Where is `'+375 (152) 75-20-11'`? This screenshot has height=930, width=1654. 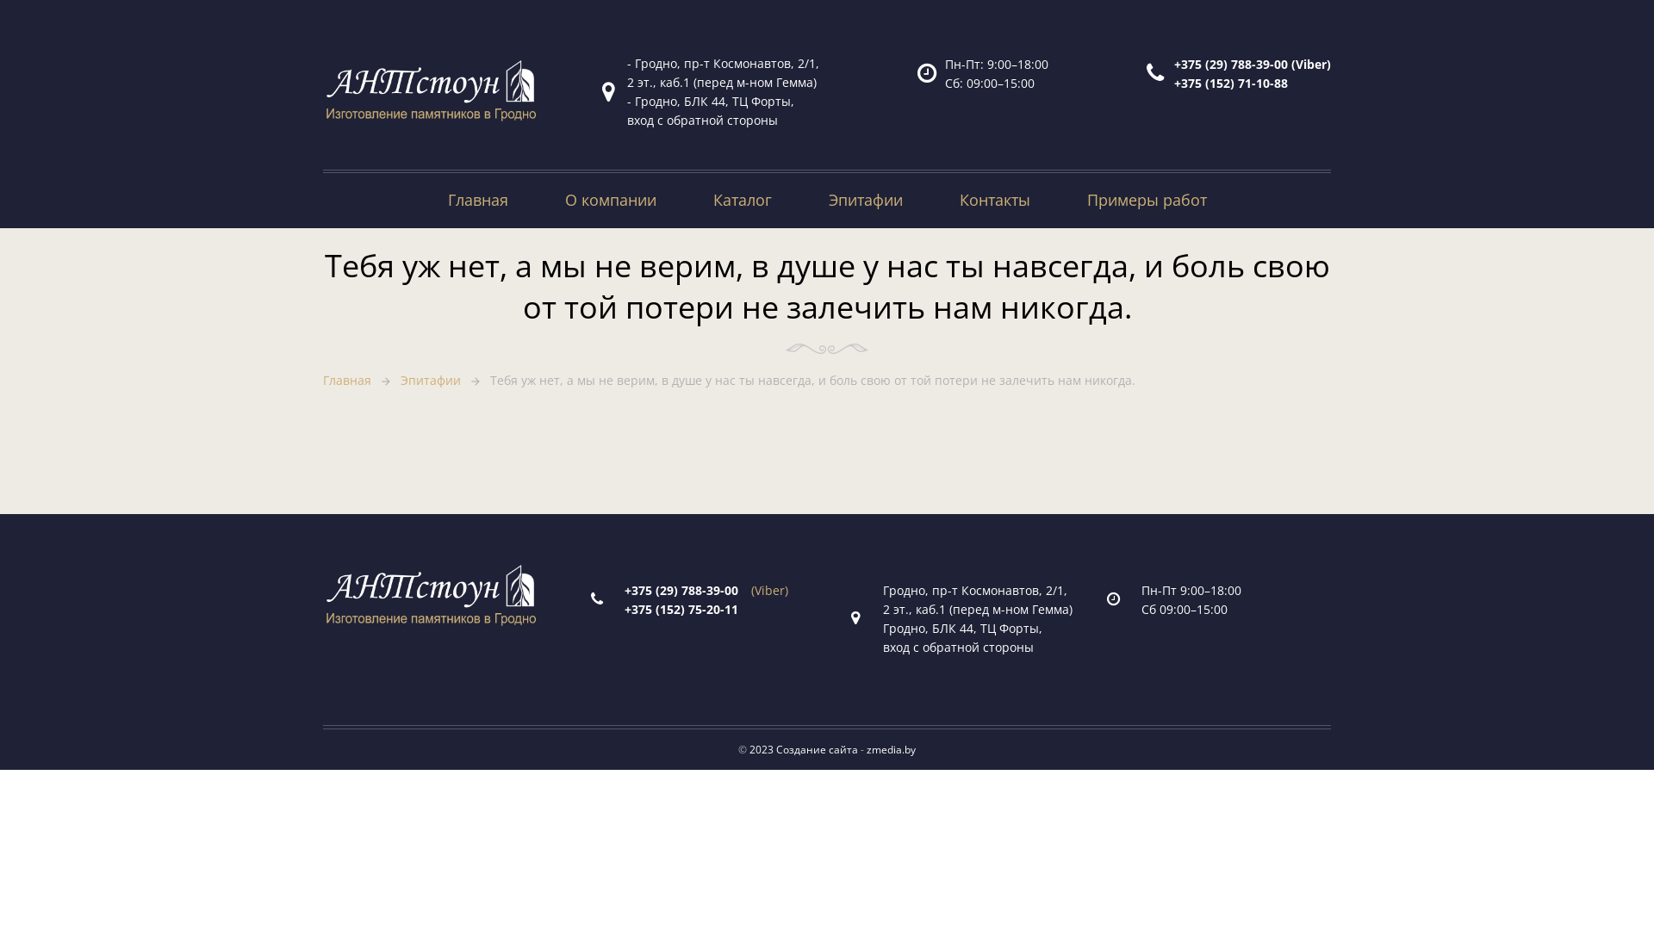 '+375 (152) 75-20-11' is located at coordinates (687, 608).